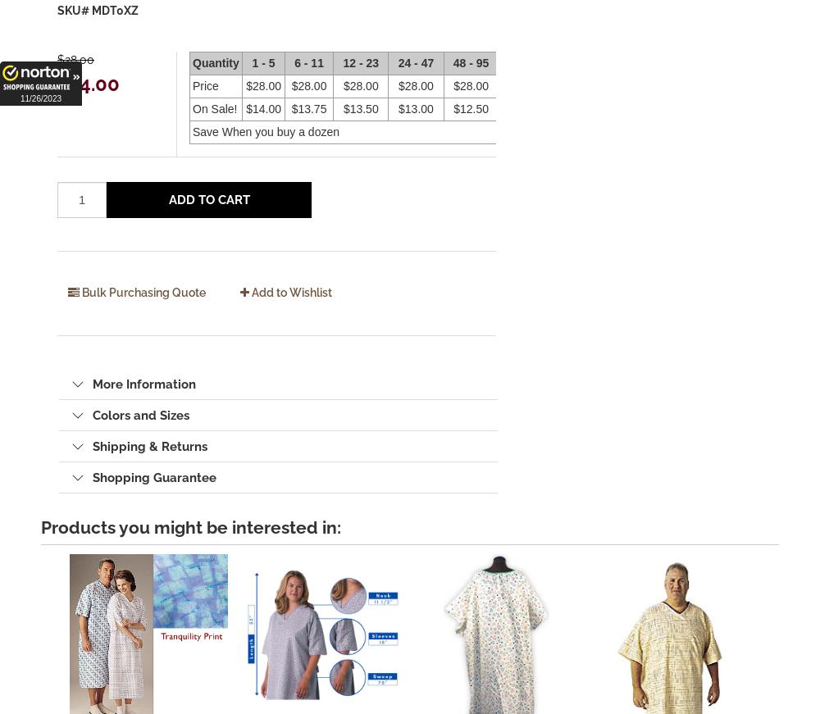 This screenshot has width=820, height=714. What do you see at coordinates (519, 108) in the screenshot?
I see `'$12.00'` at bounding box center [519, 108].